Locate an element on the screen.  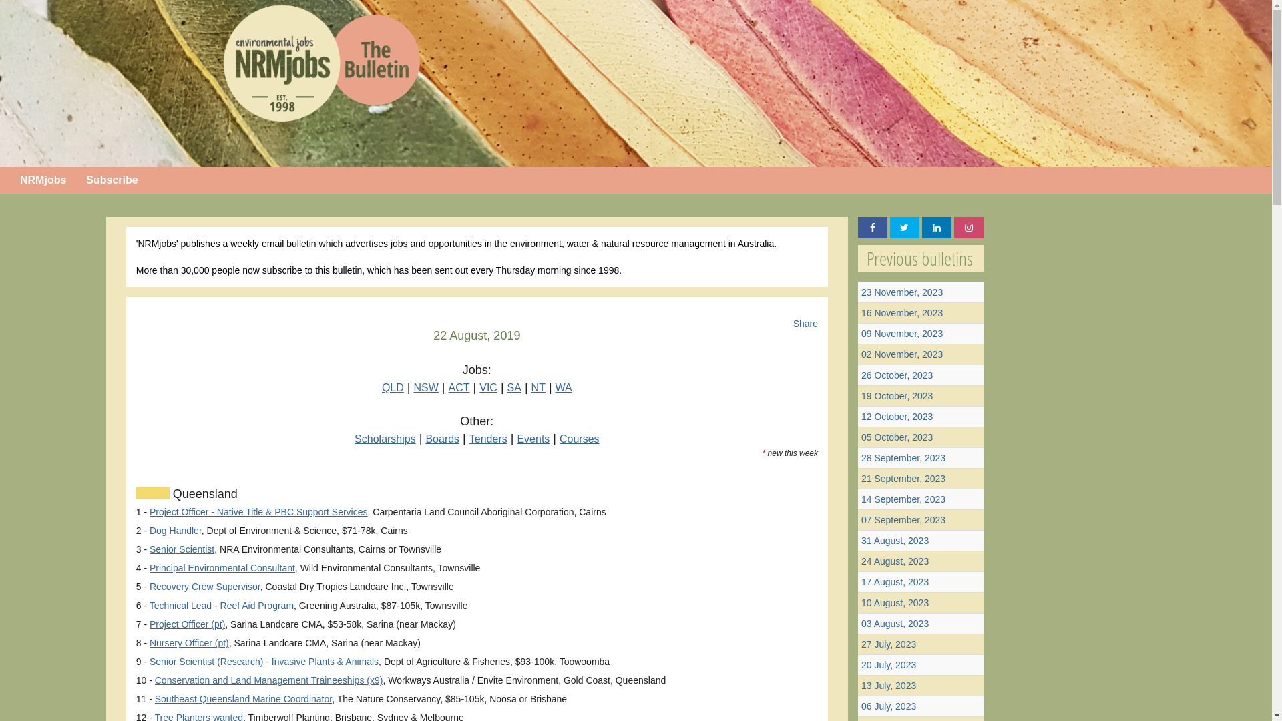
'07 September, 2023' is located at coordinates (903, 519).